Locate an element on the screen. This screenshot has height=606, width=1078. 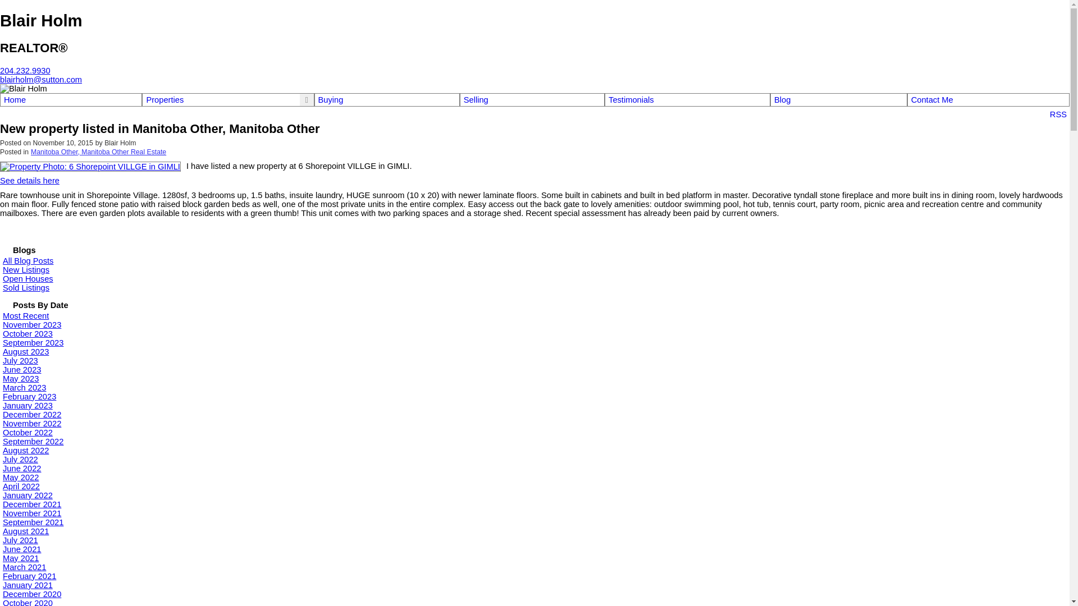
'April 2022' is located at coordinates (21, 486).